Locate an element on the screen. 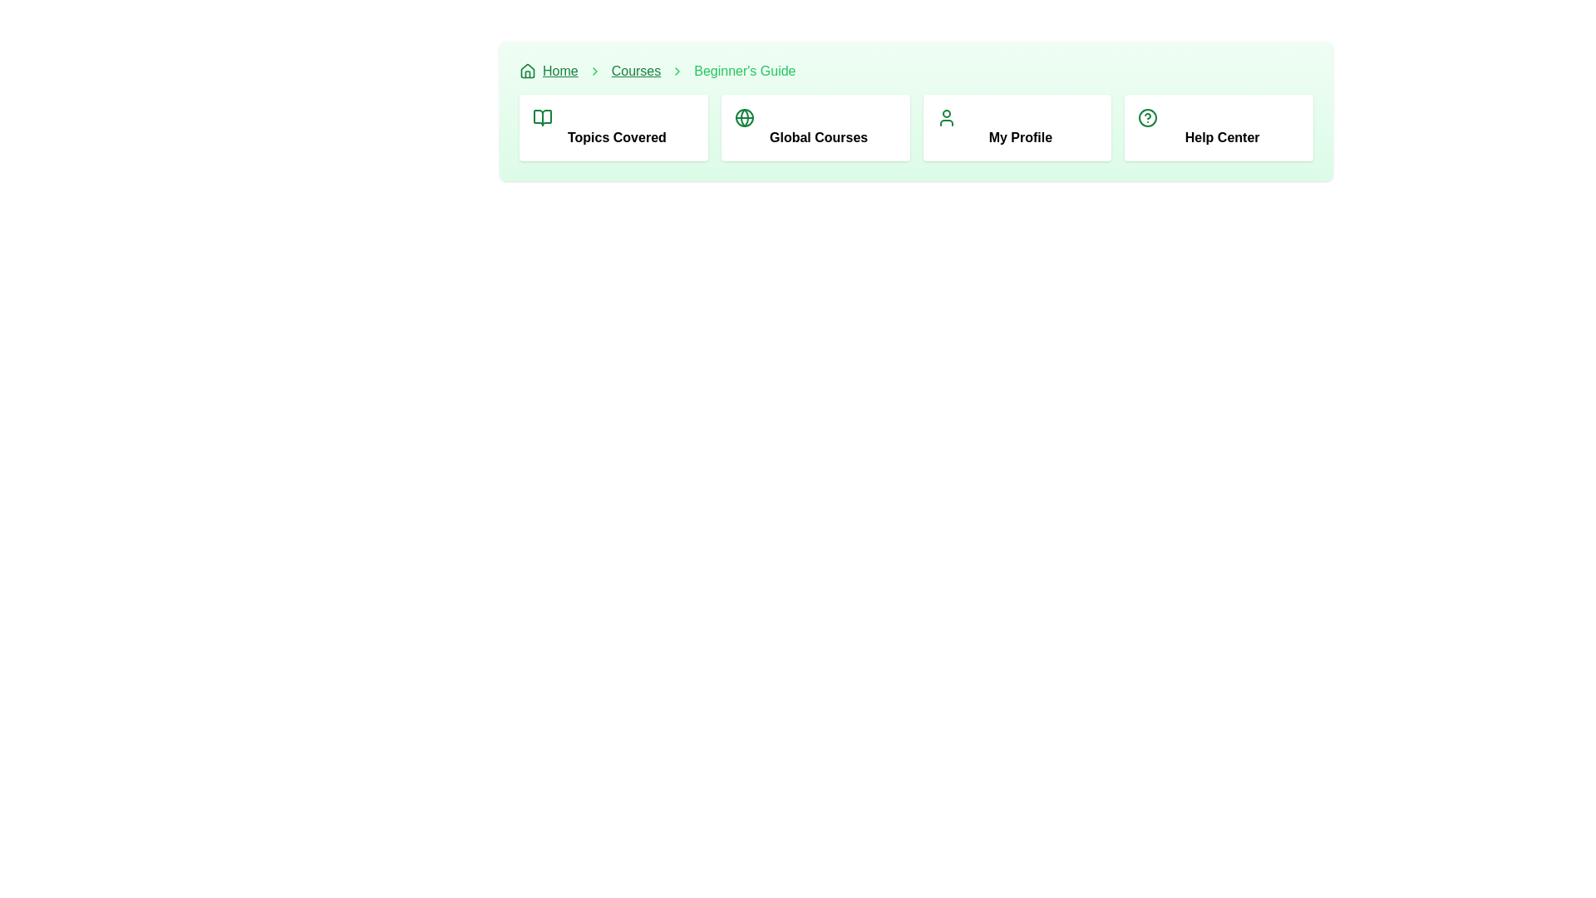 The height and width of the screenshot is (898, 1596). the 'Beginner's Guide' text label in the breadcrumb navigation bar, which is styled in green and is the final element after 'Courses' and a right-facing chevron icon is located at coordinates (744, 70).